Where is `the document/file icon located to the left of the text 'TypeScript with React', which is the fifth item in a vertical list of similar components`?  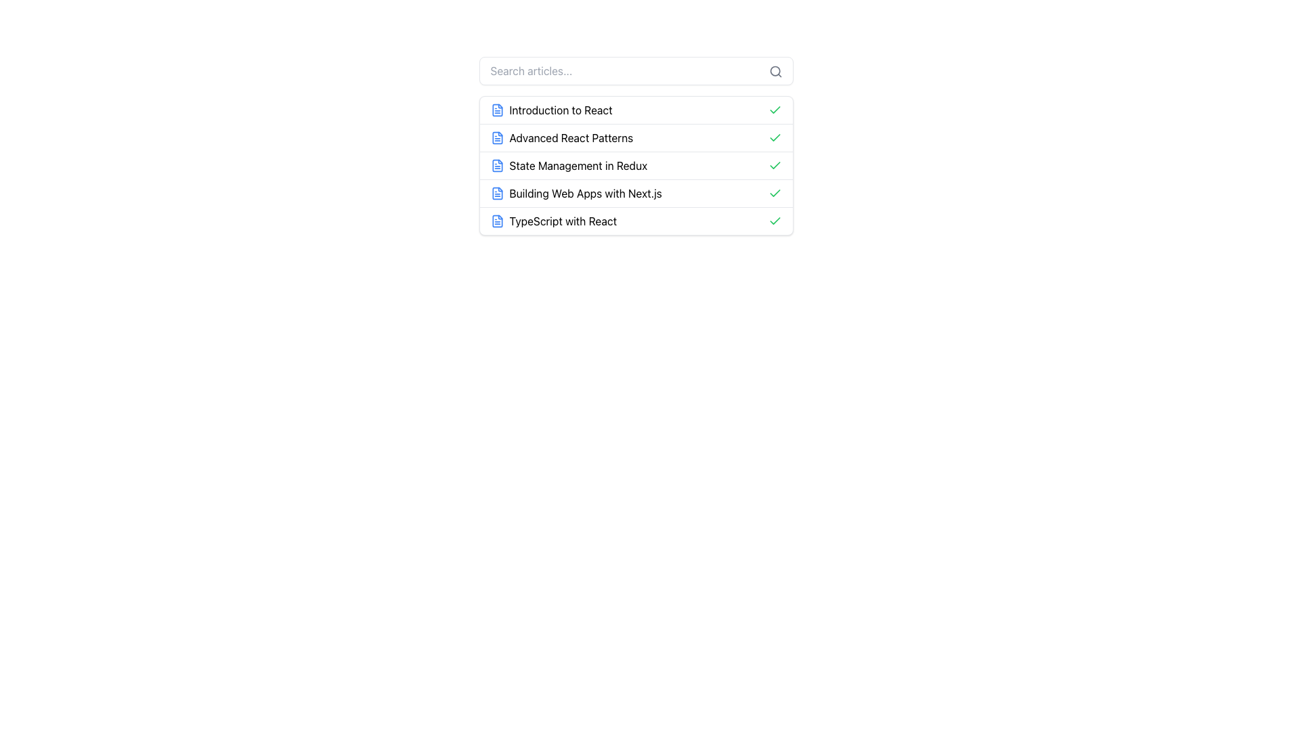
the document/file icon located to the left of the text 'TypeScript with React', which is the fifth item in a vertical list of similar components is located at coordinates (496, 221).